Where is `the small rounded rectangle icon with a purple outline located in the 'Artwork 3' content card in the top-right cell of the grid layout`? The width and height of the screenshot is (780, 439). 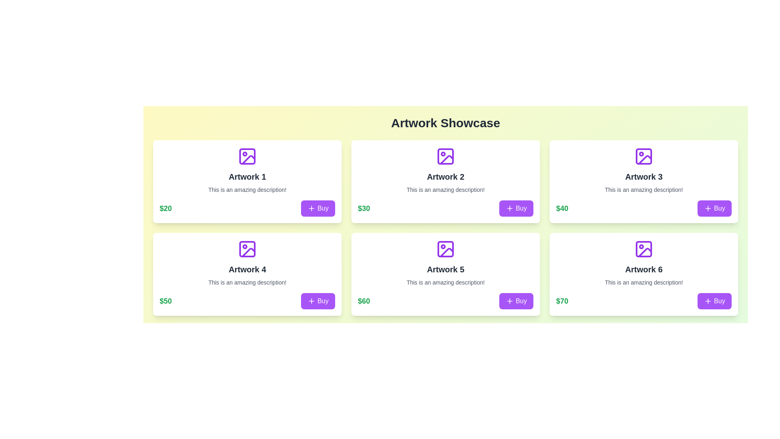
the small rounded rectangle icon with a purple outline located in the 'Artwork 3' content card in the top-right cell of the grid layout is located at coordinates (643, 156).